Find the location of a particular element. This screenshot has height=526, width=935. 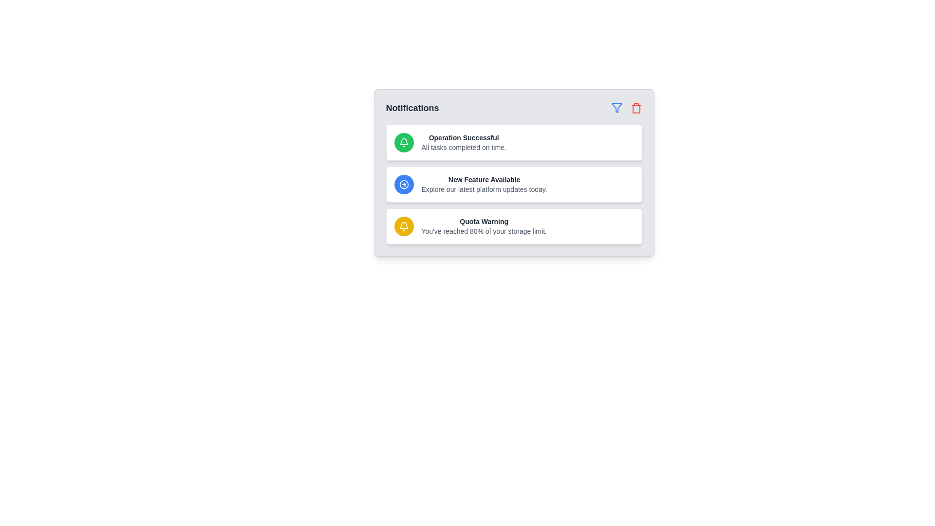

text of the notification title labeled 'Operation Successful', which is in bold and dark color at the top of the first notification card is located at coordinates (463, 137).